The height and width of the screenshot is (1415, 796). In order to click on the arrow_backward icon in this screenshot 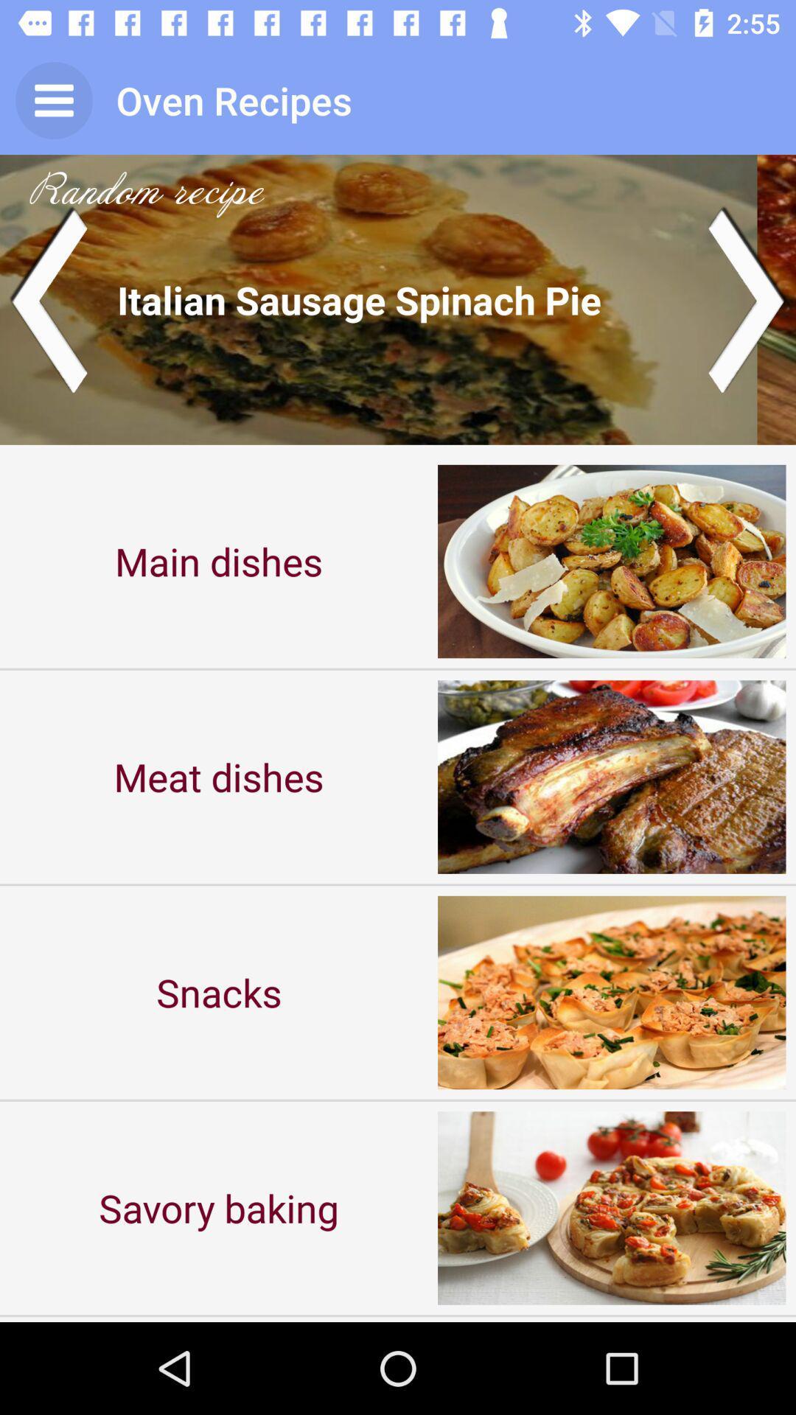, I will do `click(47, 298)`.